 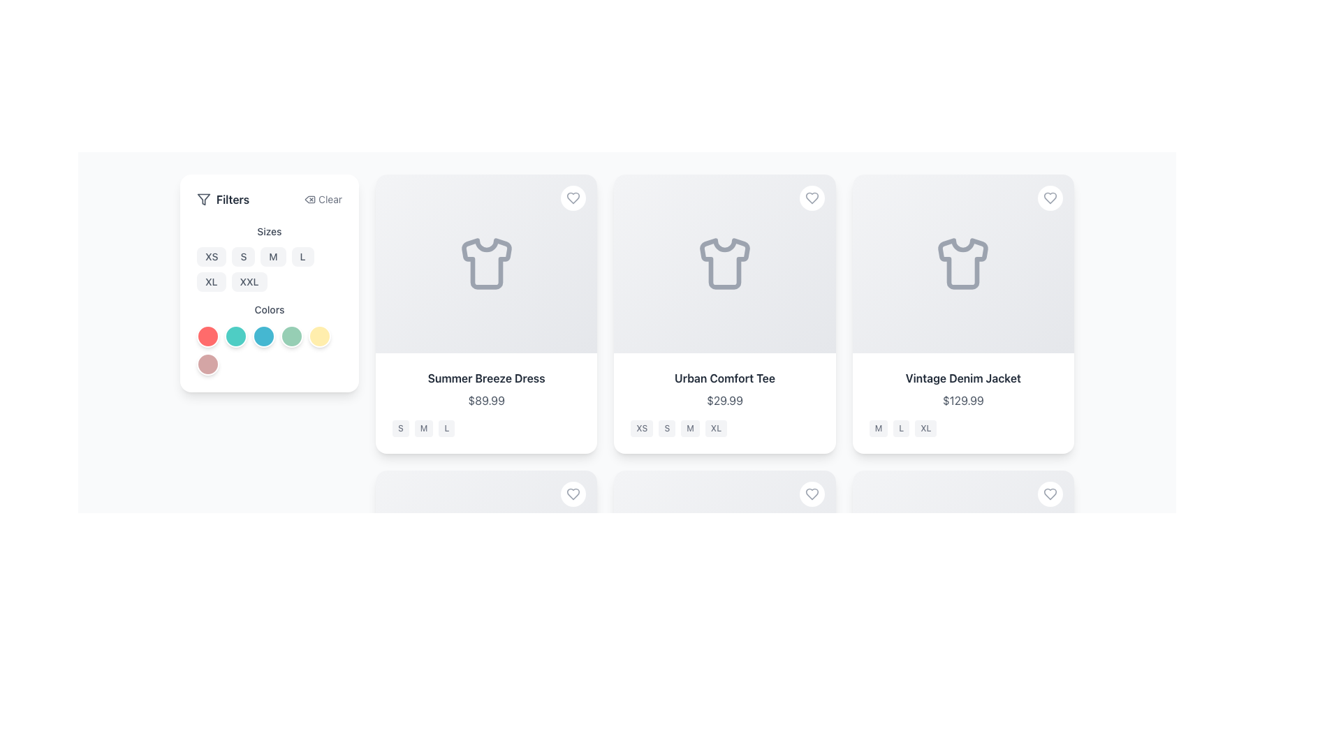 What do you see at coordinates (877, 427) in the screenshot?
I see `the 'Medium' size option label for the Vintage Denim Jacket, which is the first in a set of three size indicators located below the product card` at bounding box center [877, 427].